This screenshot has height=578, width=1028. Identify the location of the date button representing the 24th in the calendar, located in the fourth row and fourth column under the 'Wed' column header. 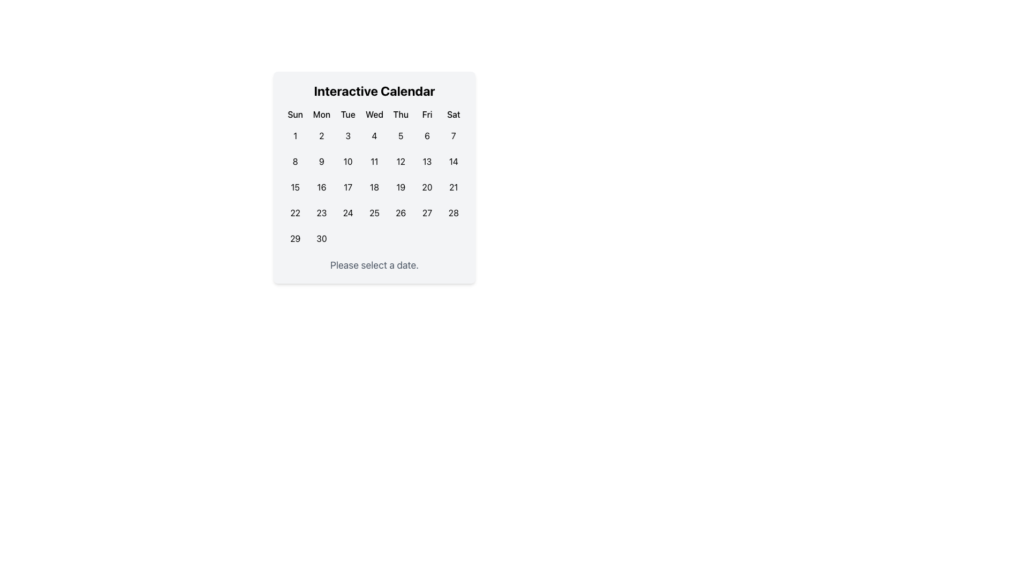
(348, 212).